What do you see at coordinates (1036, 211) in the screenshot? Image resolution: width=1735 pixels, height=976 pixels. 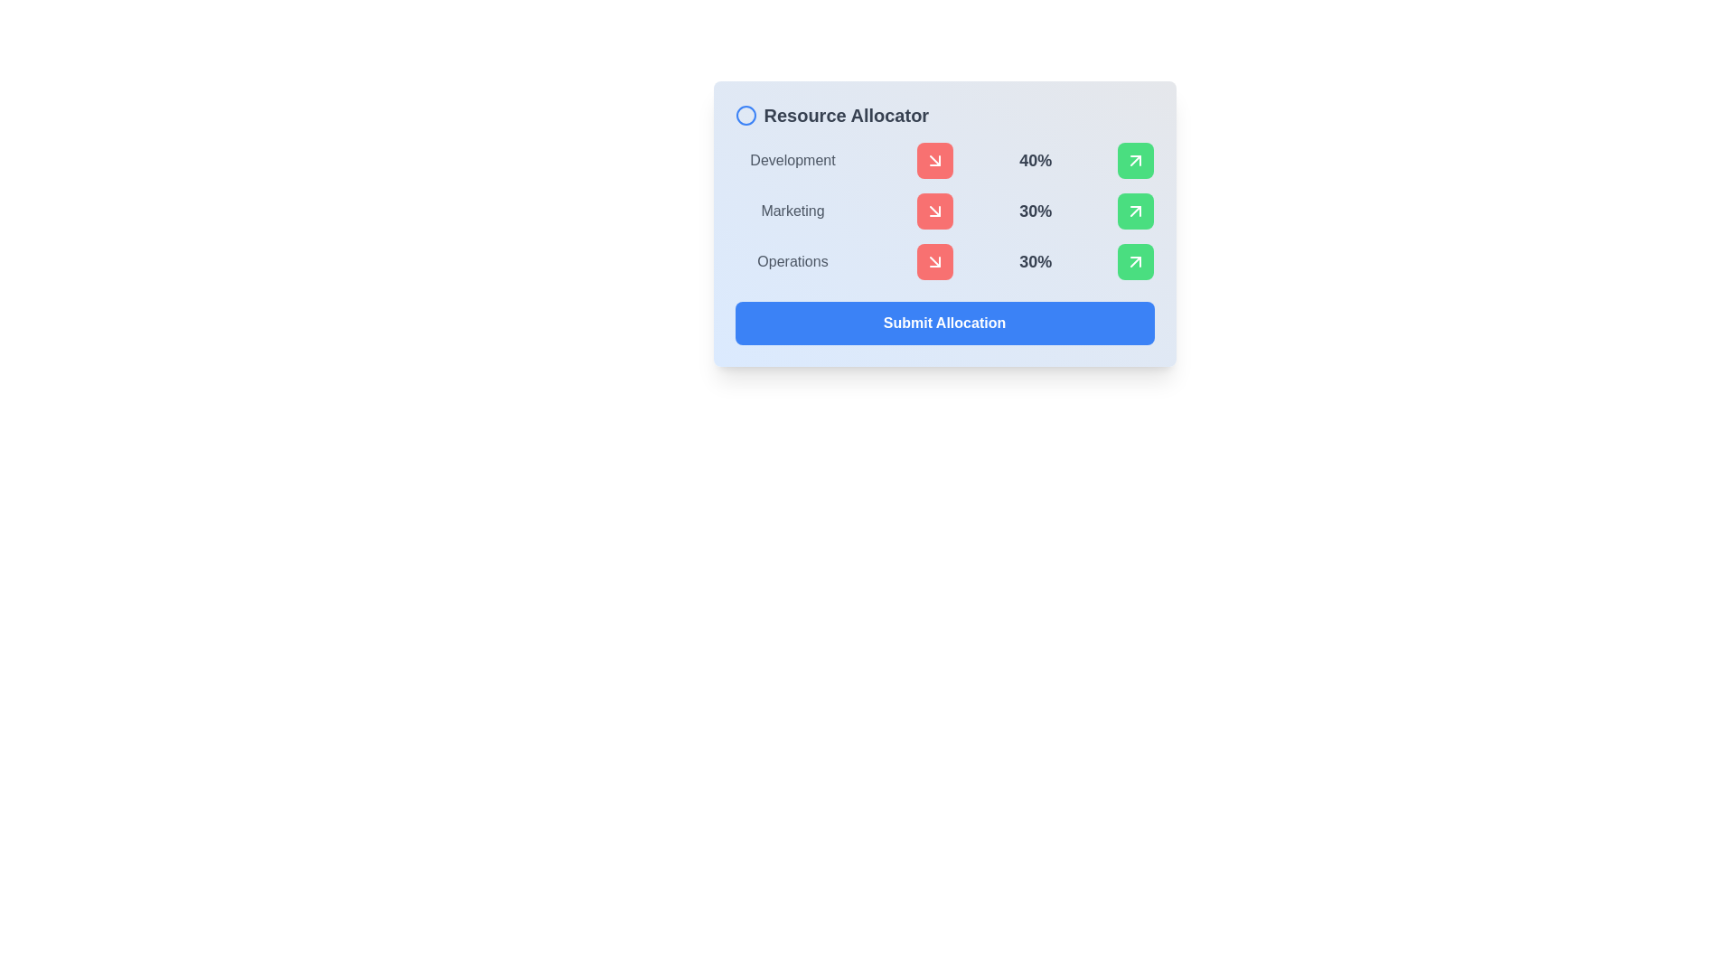 I see `the static text label displaying '30%' that is bold and dark gray, located in the row corresponding to 'Marketing', to the right of the 'Marketing' label and adjacent to a red downward-pointing arrow icon` at bounding box center [1036, 211].